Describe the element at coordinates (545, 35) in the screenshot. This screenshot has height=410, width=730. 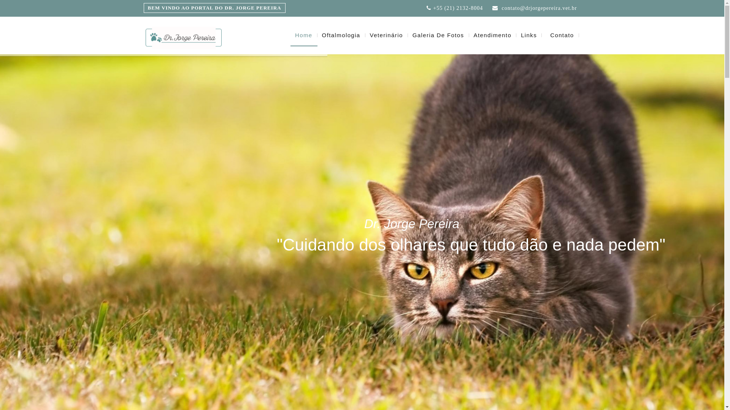
I see `'Contato'` at that location.